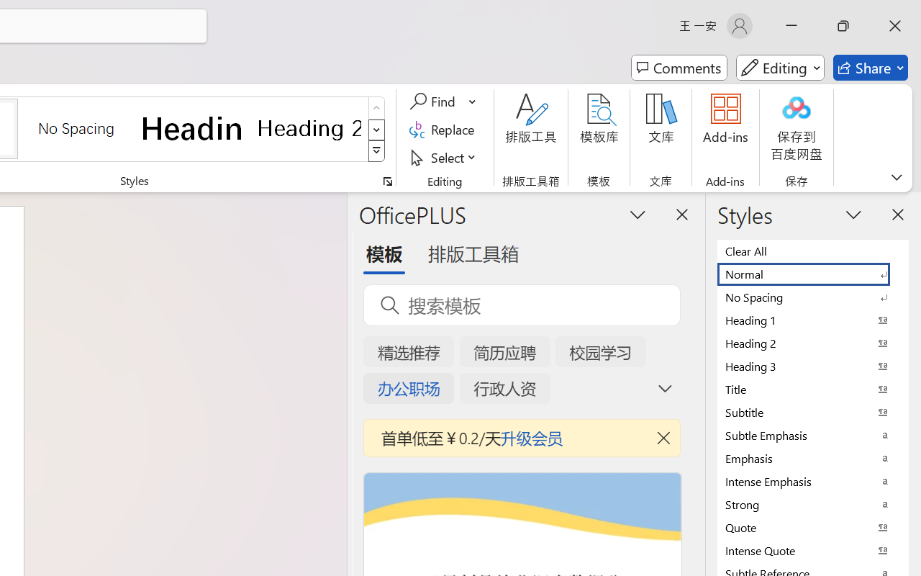 The width and height of the screenshot is (921, 576). Describe the element at coordinates (813, 273) in the screenshot. I see `'Normal'` at that location.